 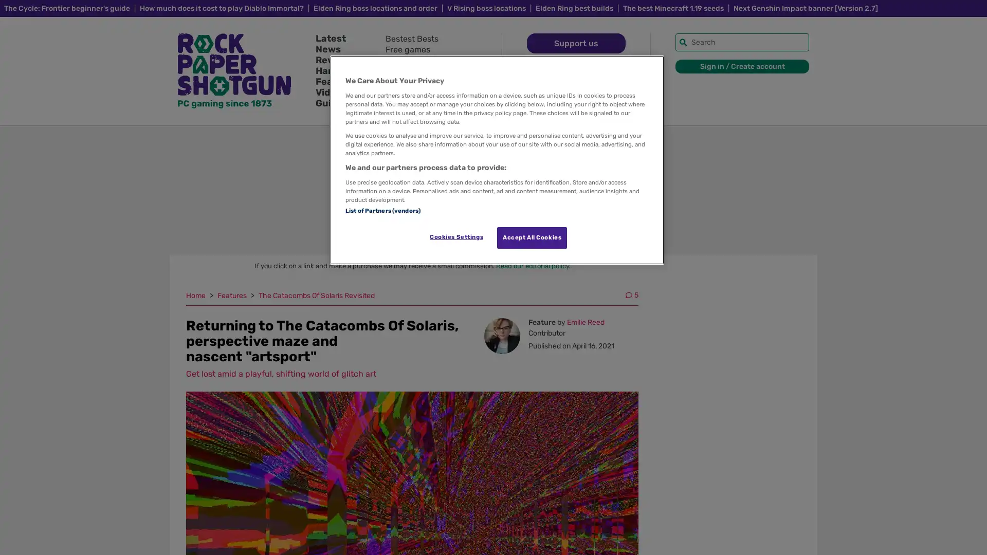 I want to click on Accept All Cookies, so click(x=532, y=237).